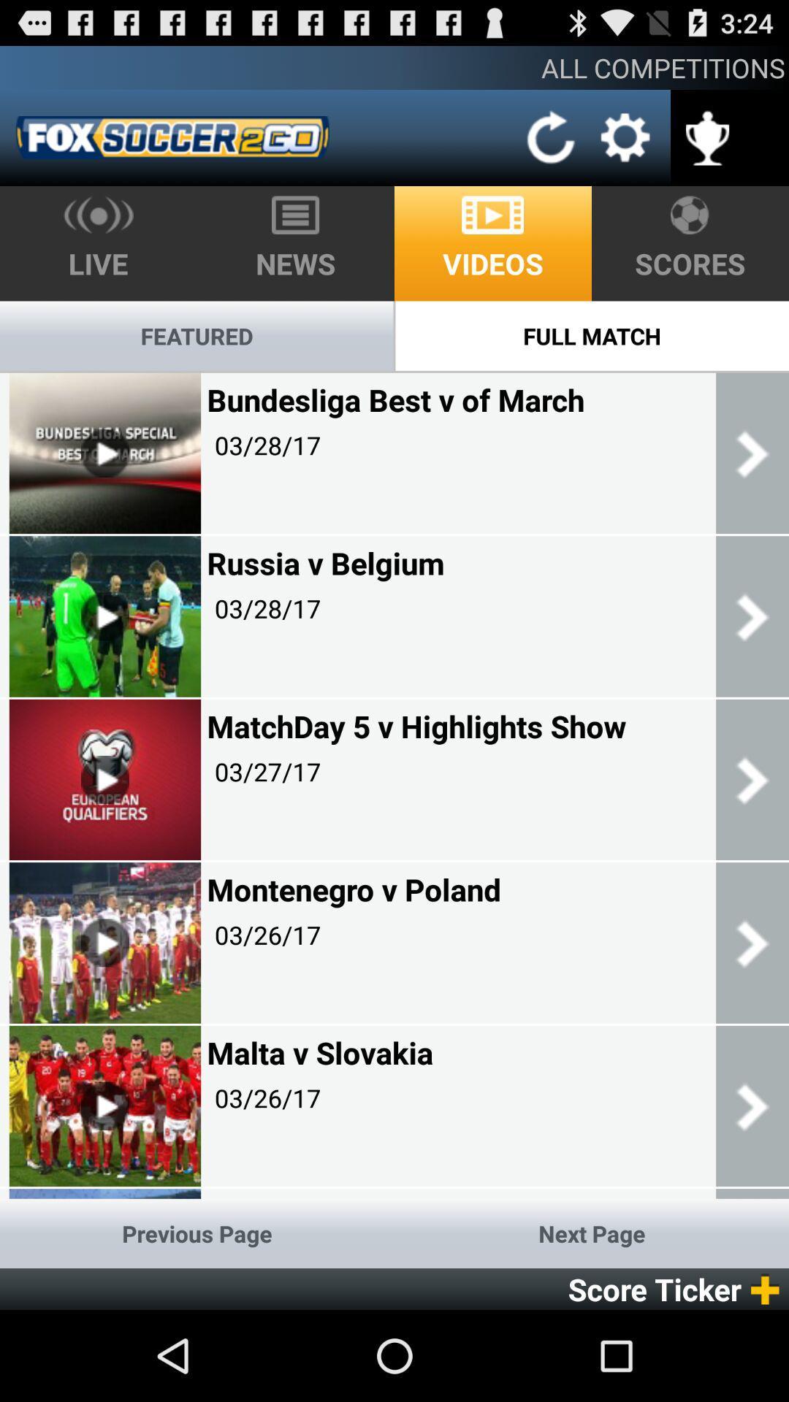  I want to click on the refresh icon, so click(552, 148).